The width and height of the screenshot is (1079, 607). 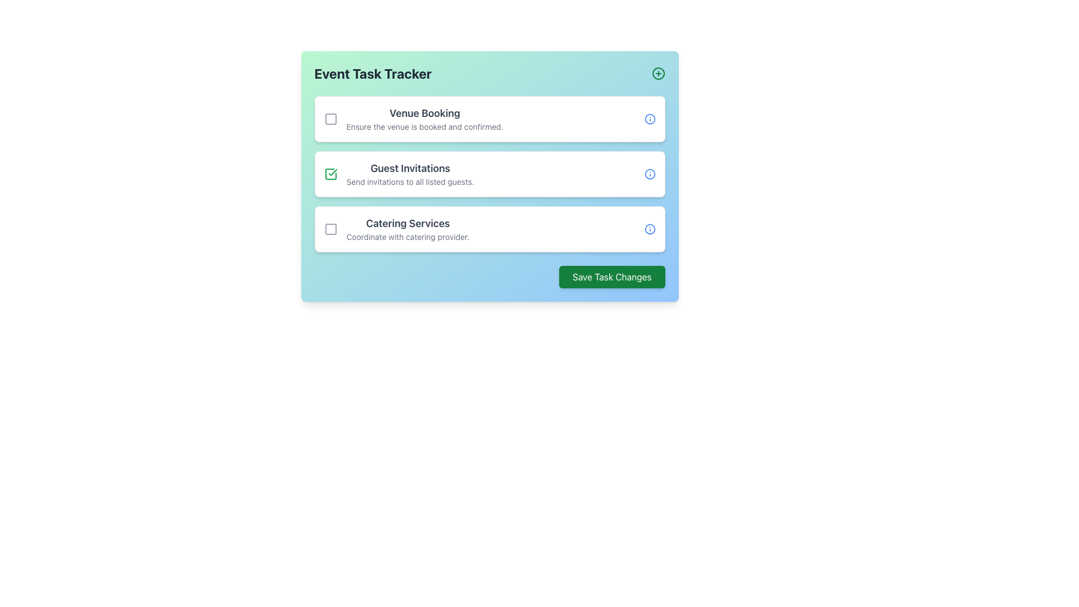 I want to click on the circular green icon with a plus sign located in the top-right corner of the 'Event Task Tracker' section, so click(x=658, y=74).